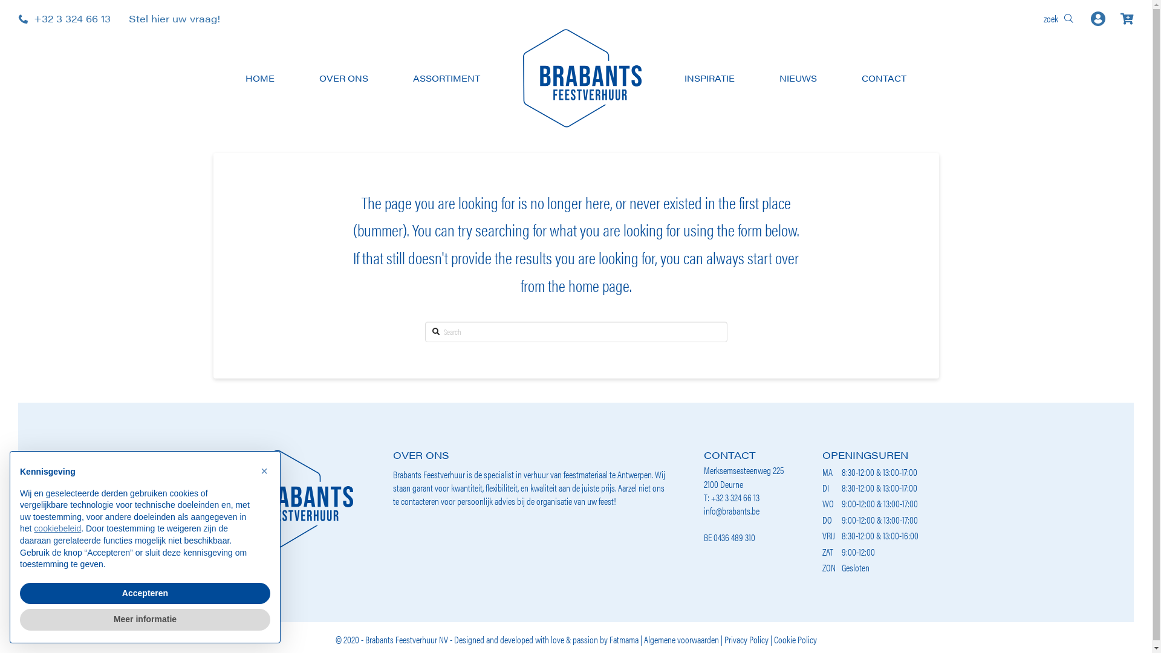  Describe the element at coordinates (145, 593) in the screenshot. I see `'Accepteren'` at that location.